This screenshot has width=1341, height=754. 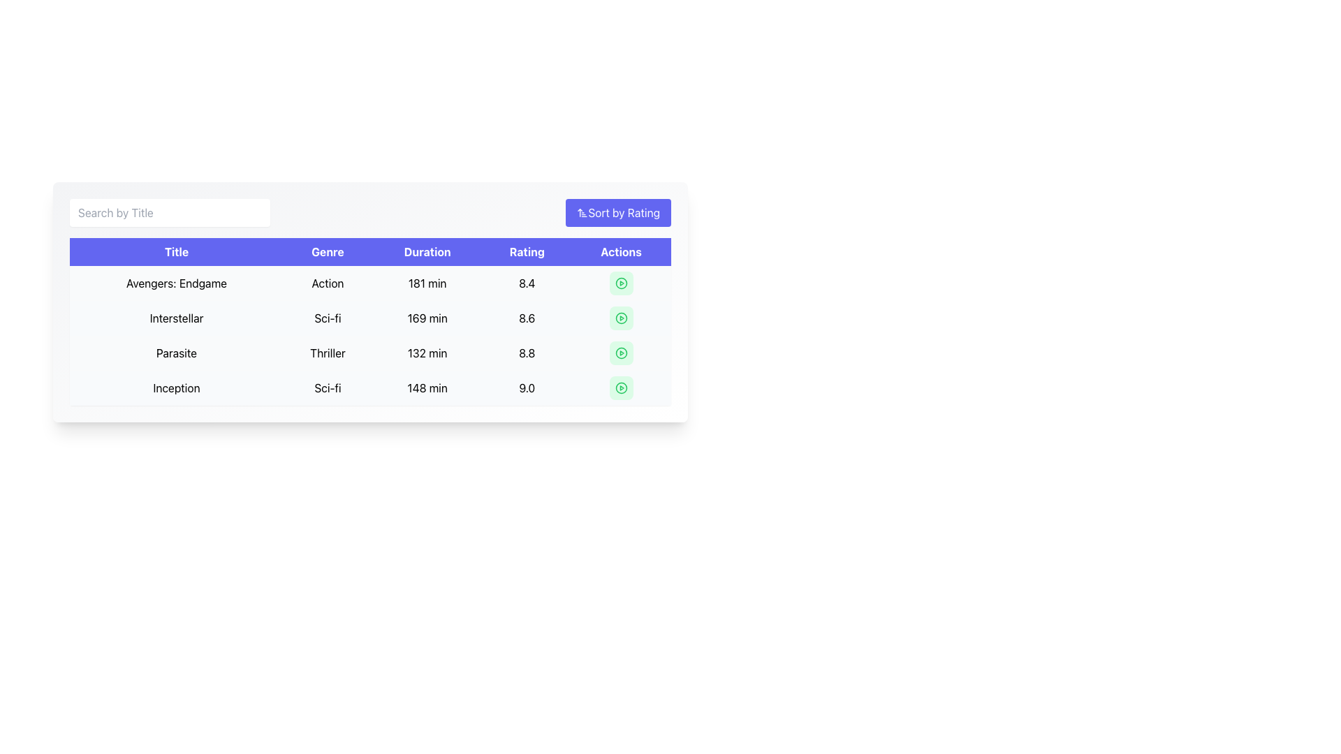 I want to click on the Circular Outline element within the button-like icon in the 'Actions' column of the third row of the data table, which is styled in green and has a circular shape, so click(x=620, y=283).